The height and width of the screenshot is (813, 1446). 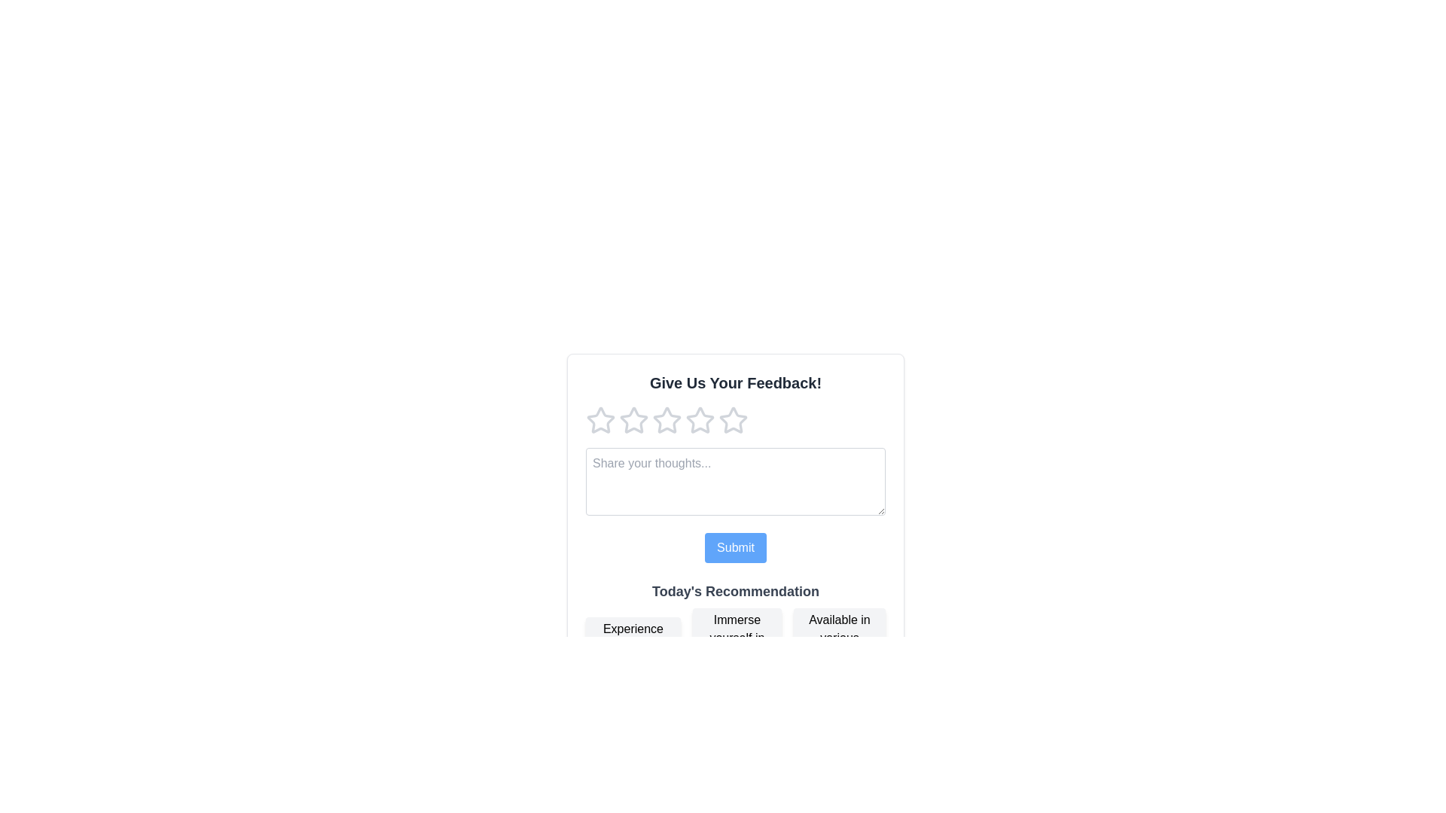 What do you see at coordinates (633, 421) in the screenshot?
I see `the third hollow star icon in the rating system under 'Give Us Your Feedback!'` at bounding box center [633, 421].